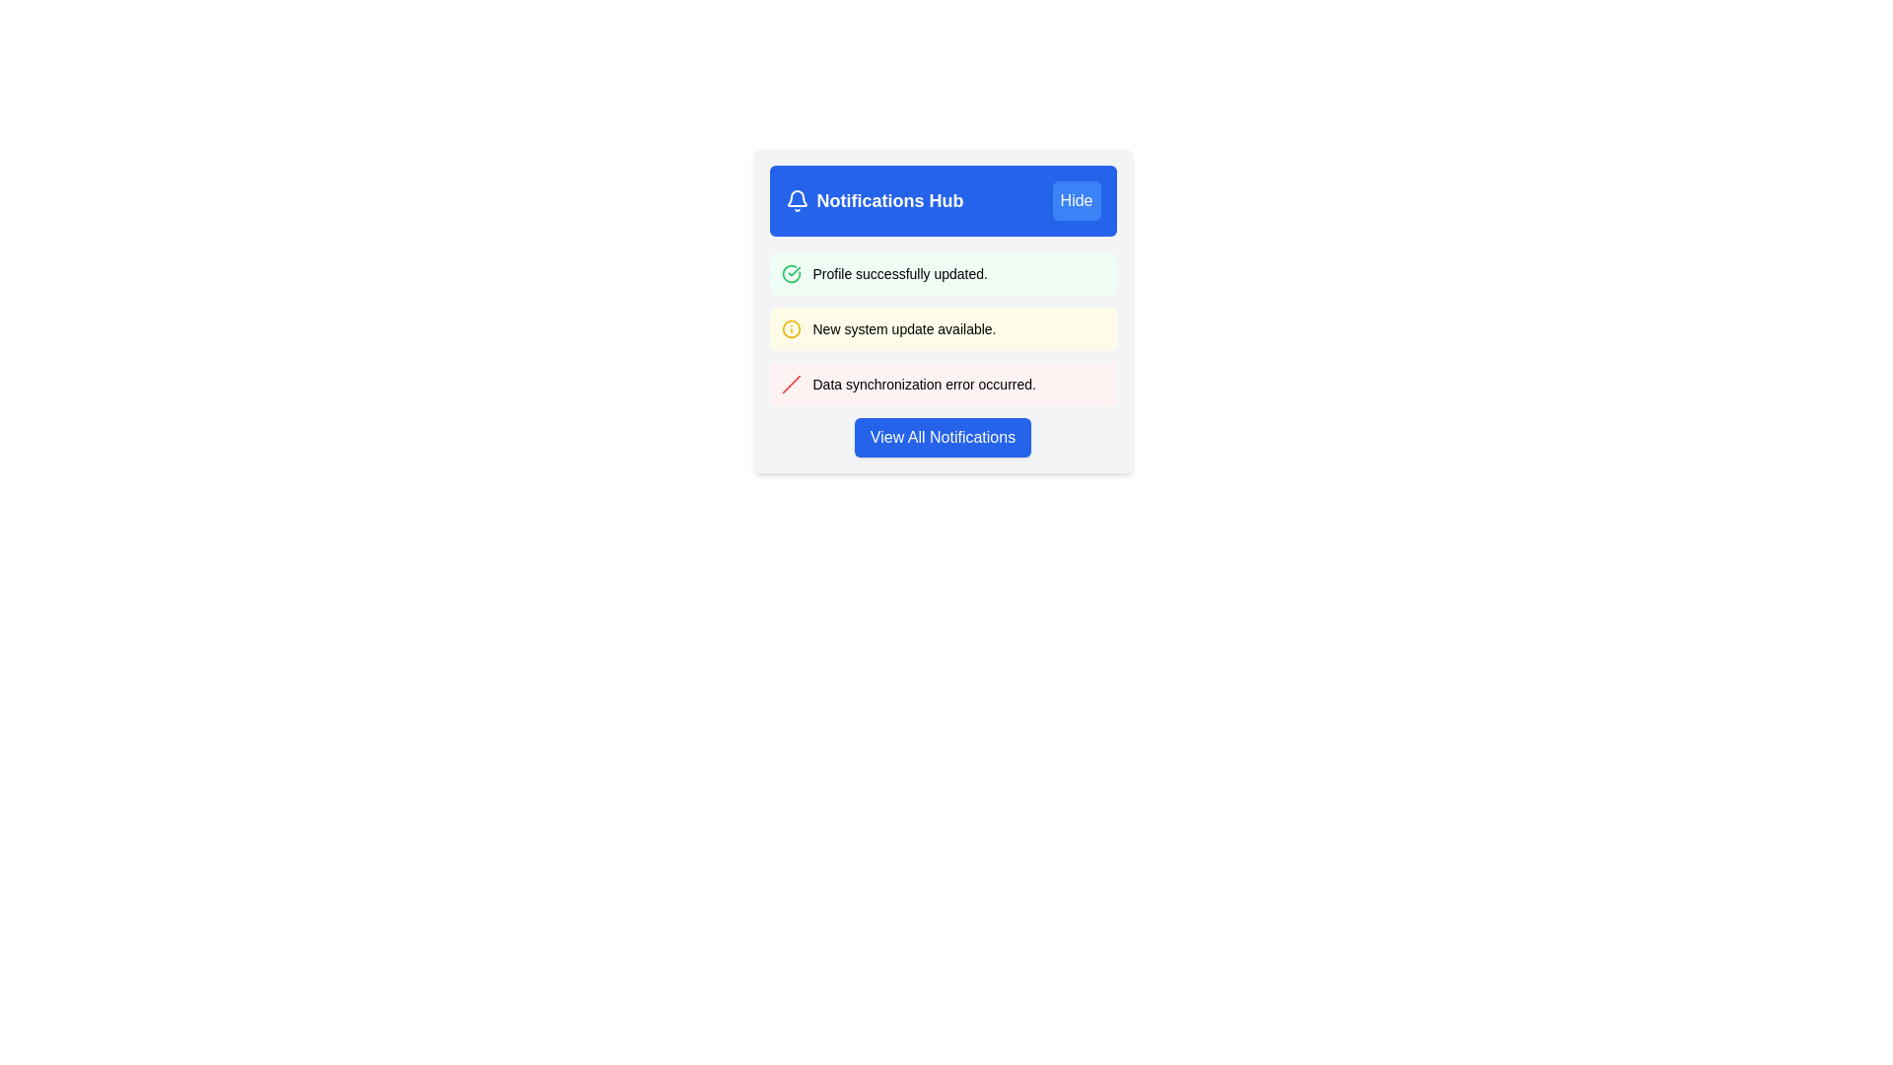 This screenshot has height=1065, width=1893. I want to click on the rectangular button labeled 'Hide' with white text against a blue background located at the top-right corner of the 'Notifications Hub' section to change its color, so click(1076, 201).